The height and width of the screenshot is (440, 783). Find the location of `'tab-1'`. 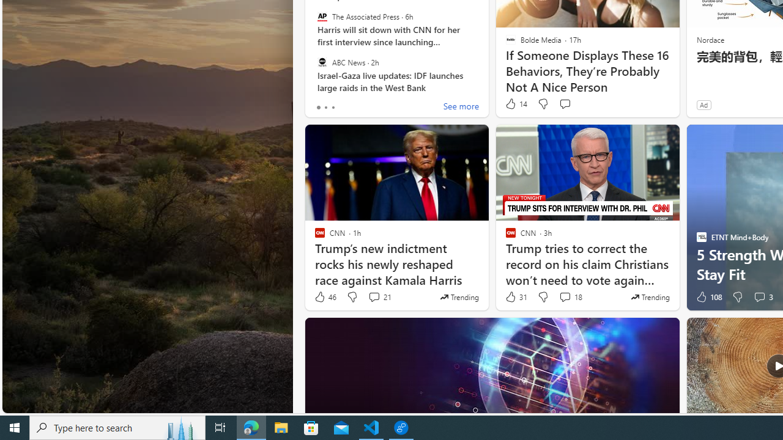

'tab-1' is located at coordinates (325, 107).